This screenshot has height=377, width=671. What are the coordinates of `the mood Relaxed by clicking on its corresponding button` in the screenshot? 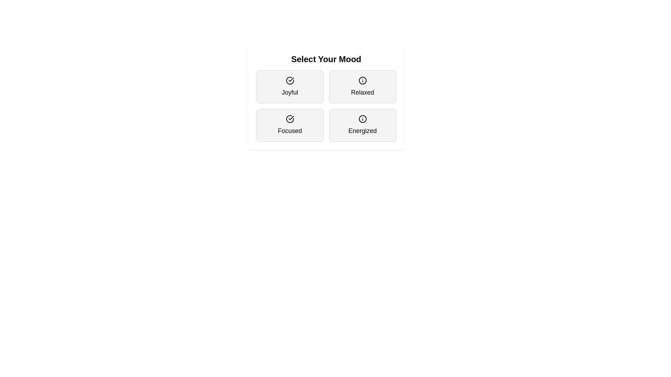 It's located at (362, 87).